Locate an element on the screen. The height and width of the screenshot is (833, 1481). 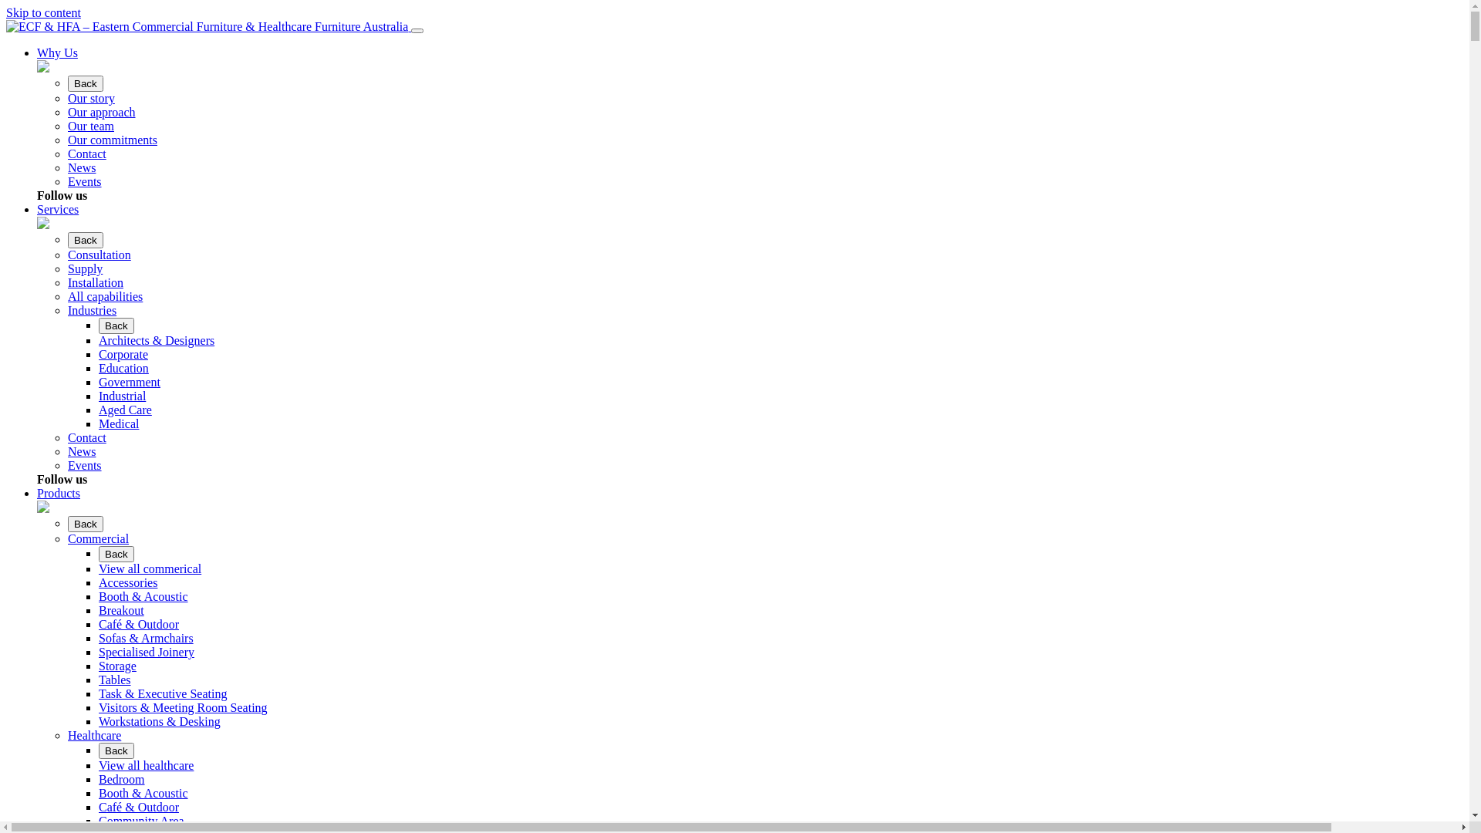
'Back' is located at coordinates (98, 325).